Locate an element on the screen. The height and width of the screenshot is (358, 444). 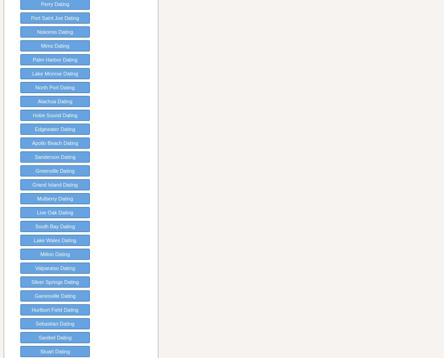
'Port Saint Joe Dating' is located at coordinates (55, 18).